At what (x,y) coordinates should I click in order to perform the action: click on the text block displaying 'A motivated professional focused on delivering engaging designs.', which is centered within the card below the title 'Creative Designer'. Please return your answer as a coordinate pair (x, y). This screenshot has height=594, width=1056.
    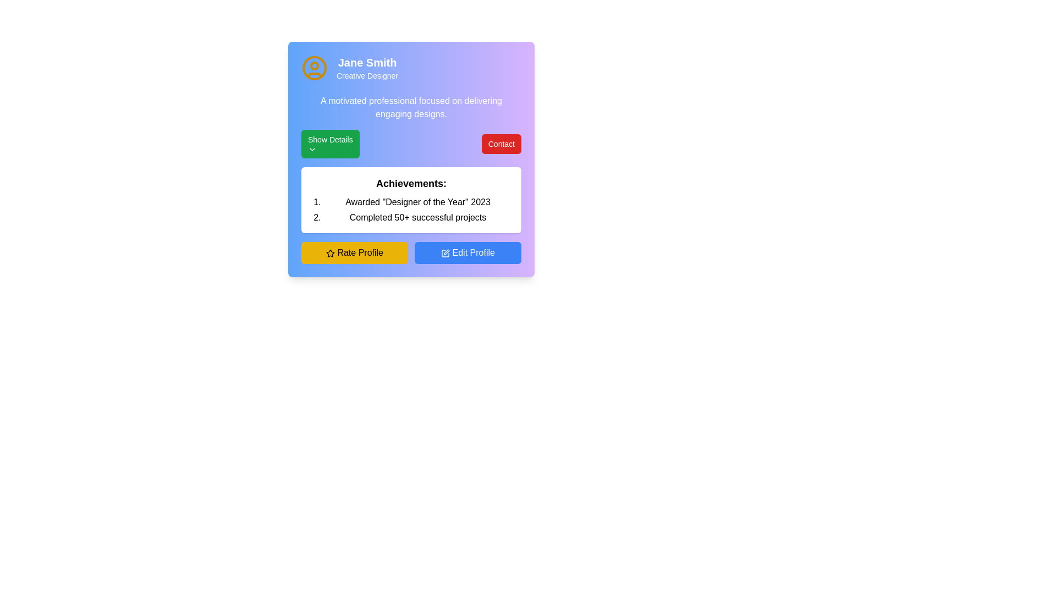
    Looking at the image, I should click on (411, 108).